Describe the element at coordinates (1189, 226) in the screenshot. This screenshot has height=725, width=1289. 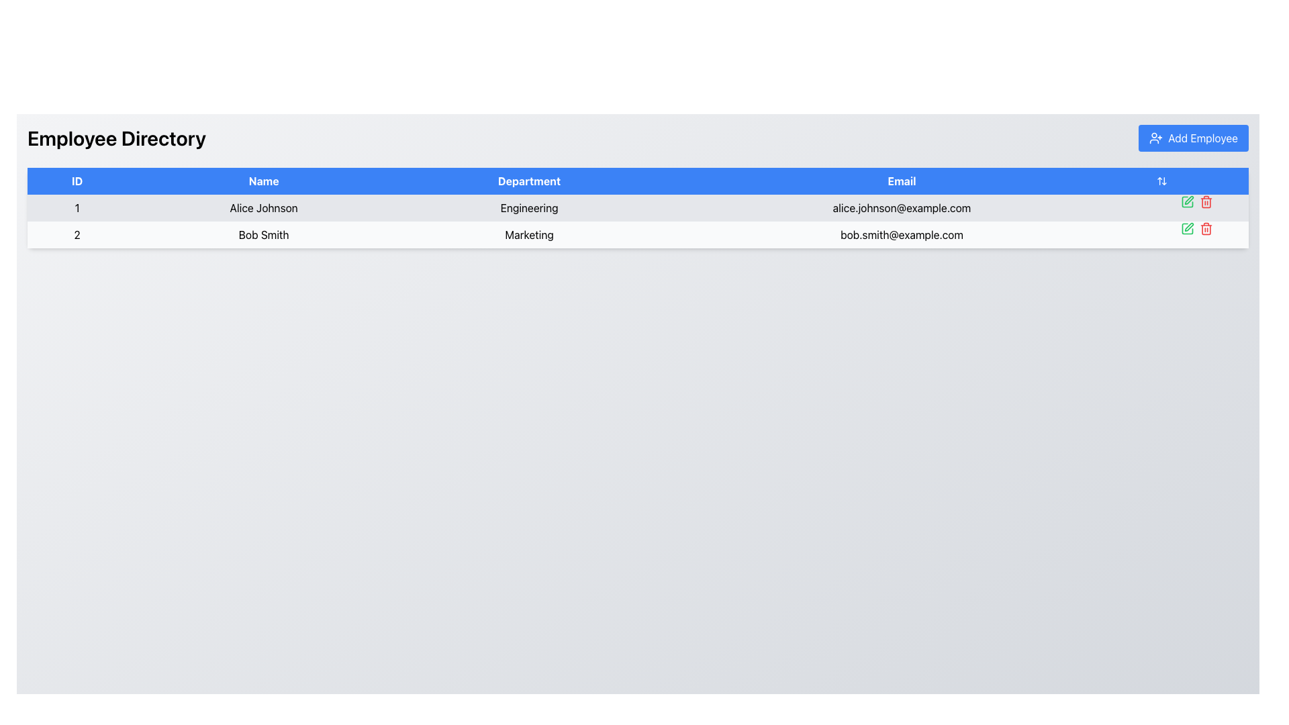
I see `the edit icon button located in the second row of the table under the 'Actions' column` at that location.